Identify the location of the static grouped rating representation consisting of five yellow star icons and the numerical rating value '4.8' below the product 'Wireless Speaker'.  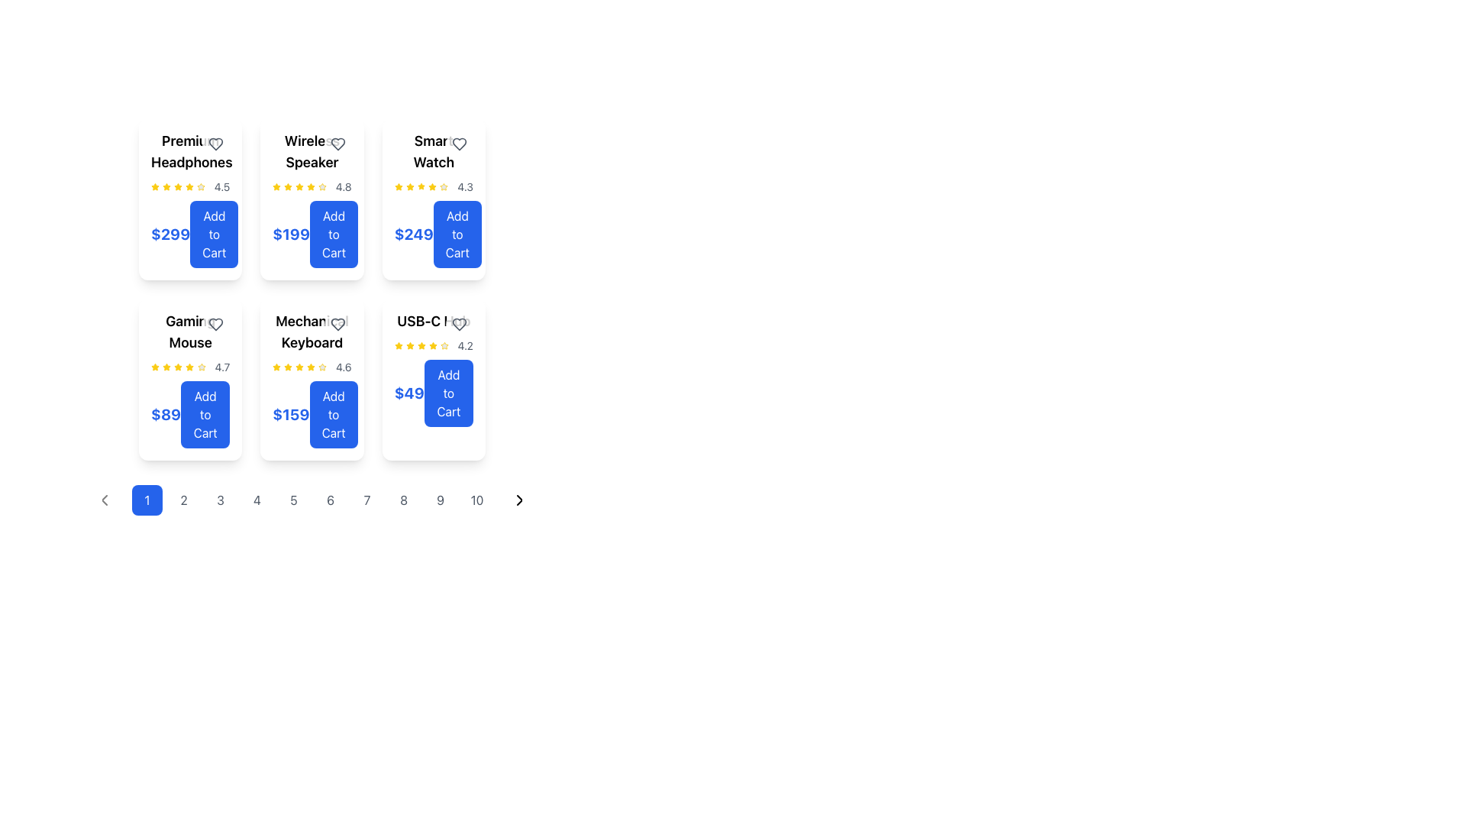
(311, 186).